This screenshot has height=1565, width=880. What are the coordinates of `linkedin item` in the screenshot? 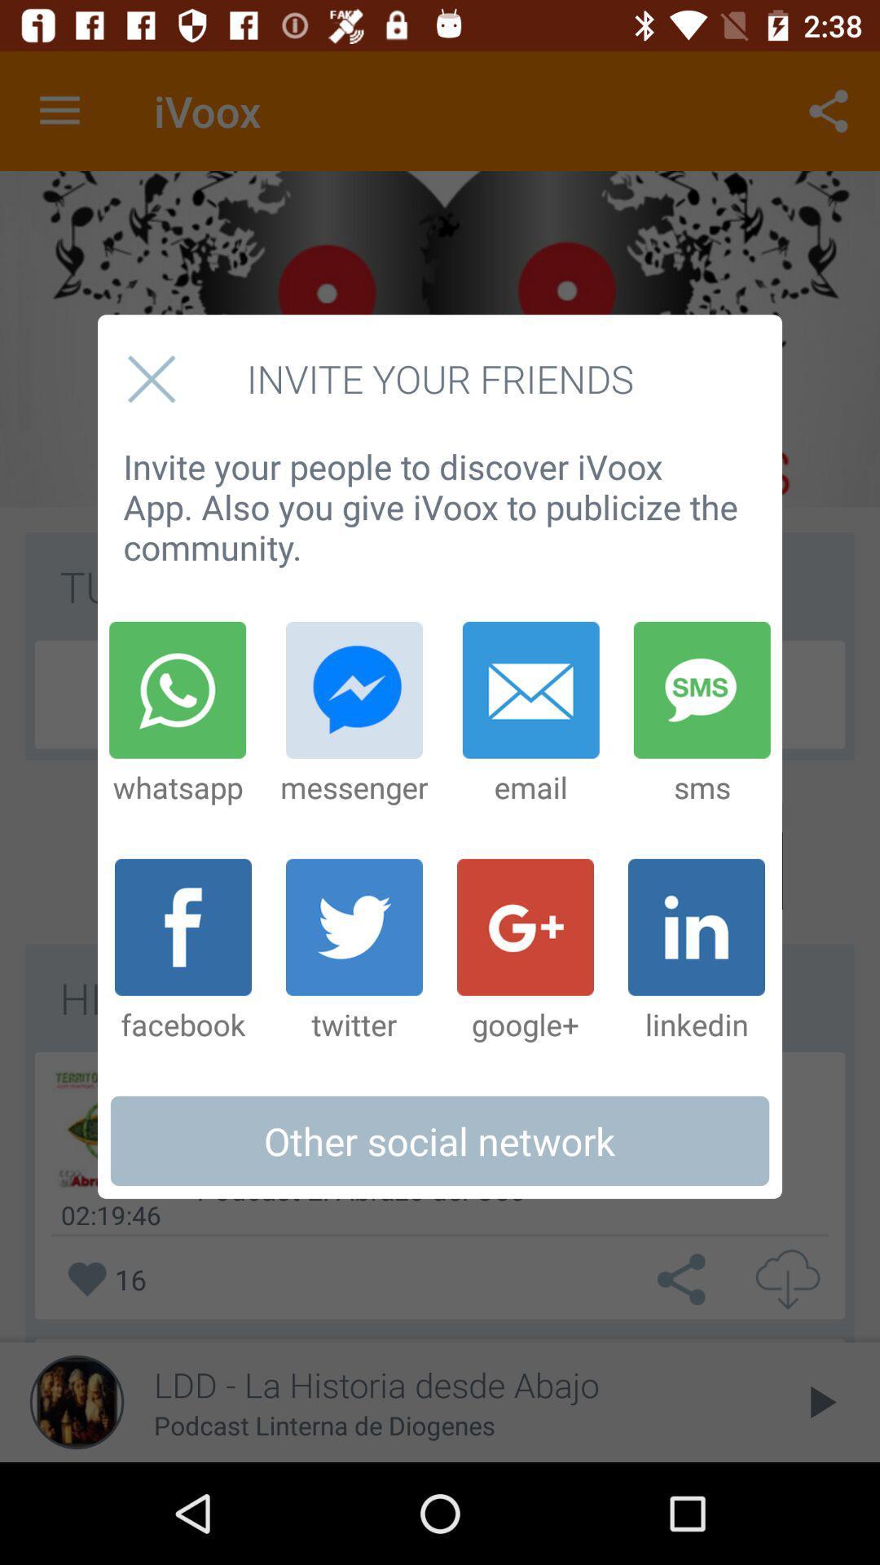 It's located at (697, 951).